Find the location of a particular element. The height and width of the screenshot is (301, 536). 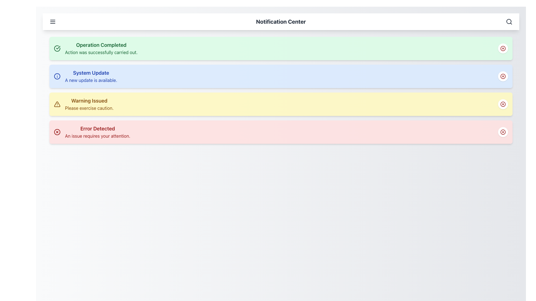

the triangular warning icon with an exclamation mark, located in the yellow notification strip labeled 'Warning Issued, Please exercise caution.' is located at coordinates (57, 104).